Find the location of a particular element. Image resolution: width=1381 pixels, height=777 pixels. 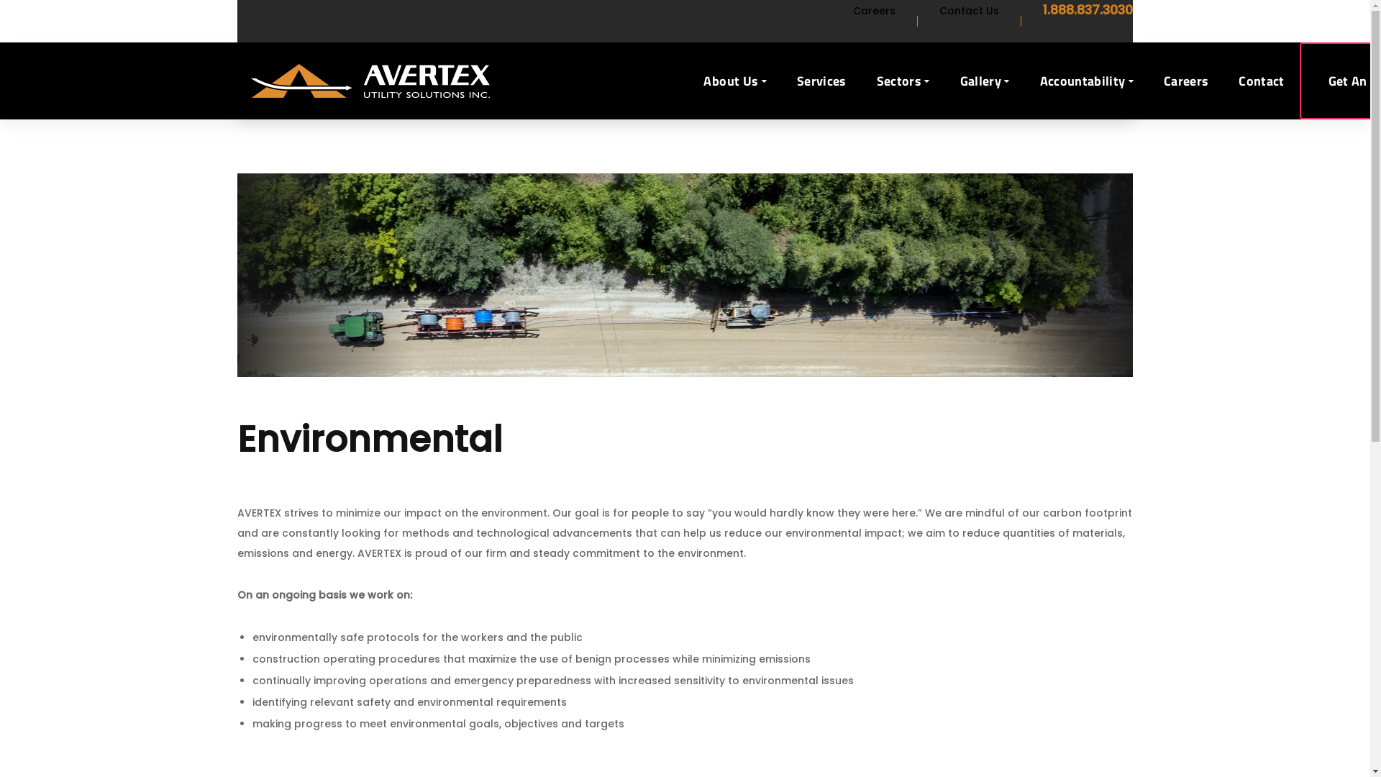

'Accountability' is located at coordinates (1087, 80).